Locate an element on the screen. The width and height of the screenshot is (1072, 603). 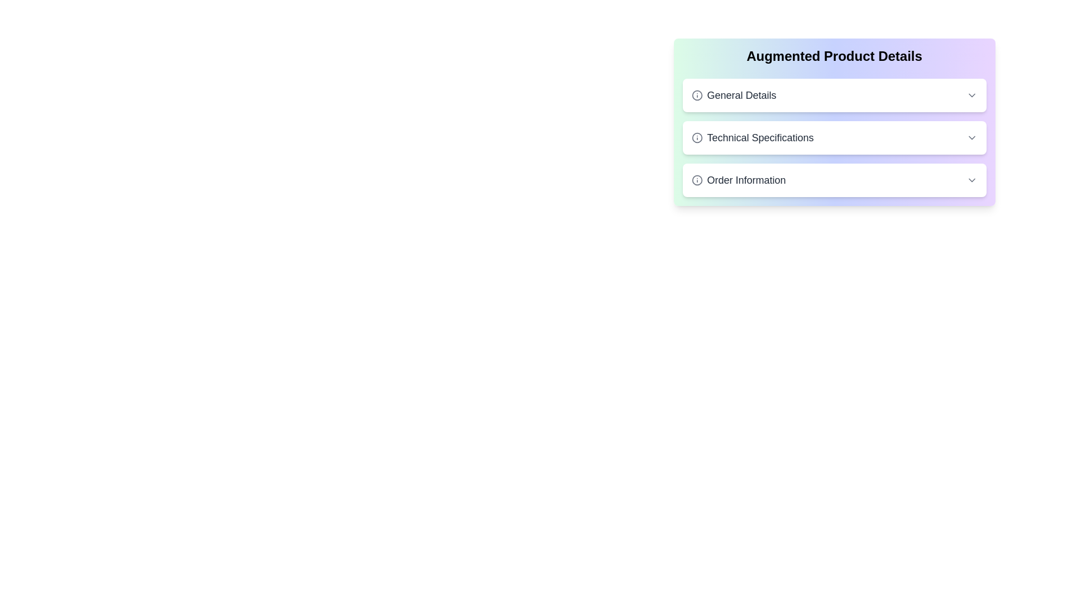
the Chevron icon located at the rightmost corner of the 'Technical Specifications' section is located at coordinates (971, 137).